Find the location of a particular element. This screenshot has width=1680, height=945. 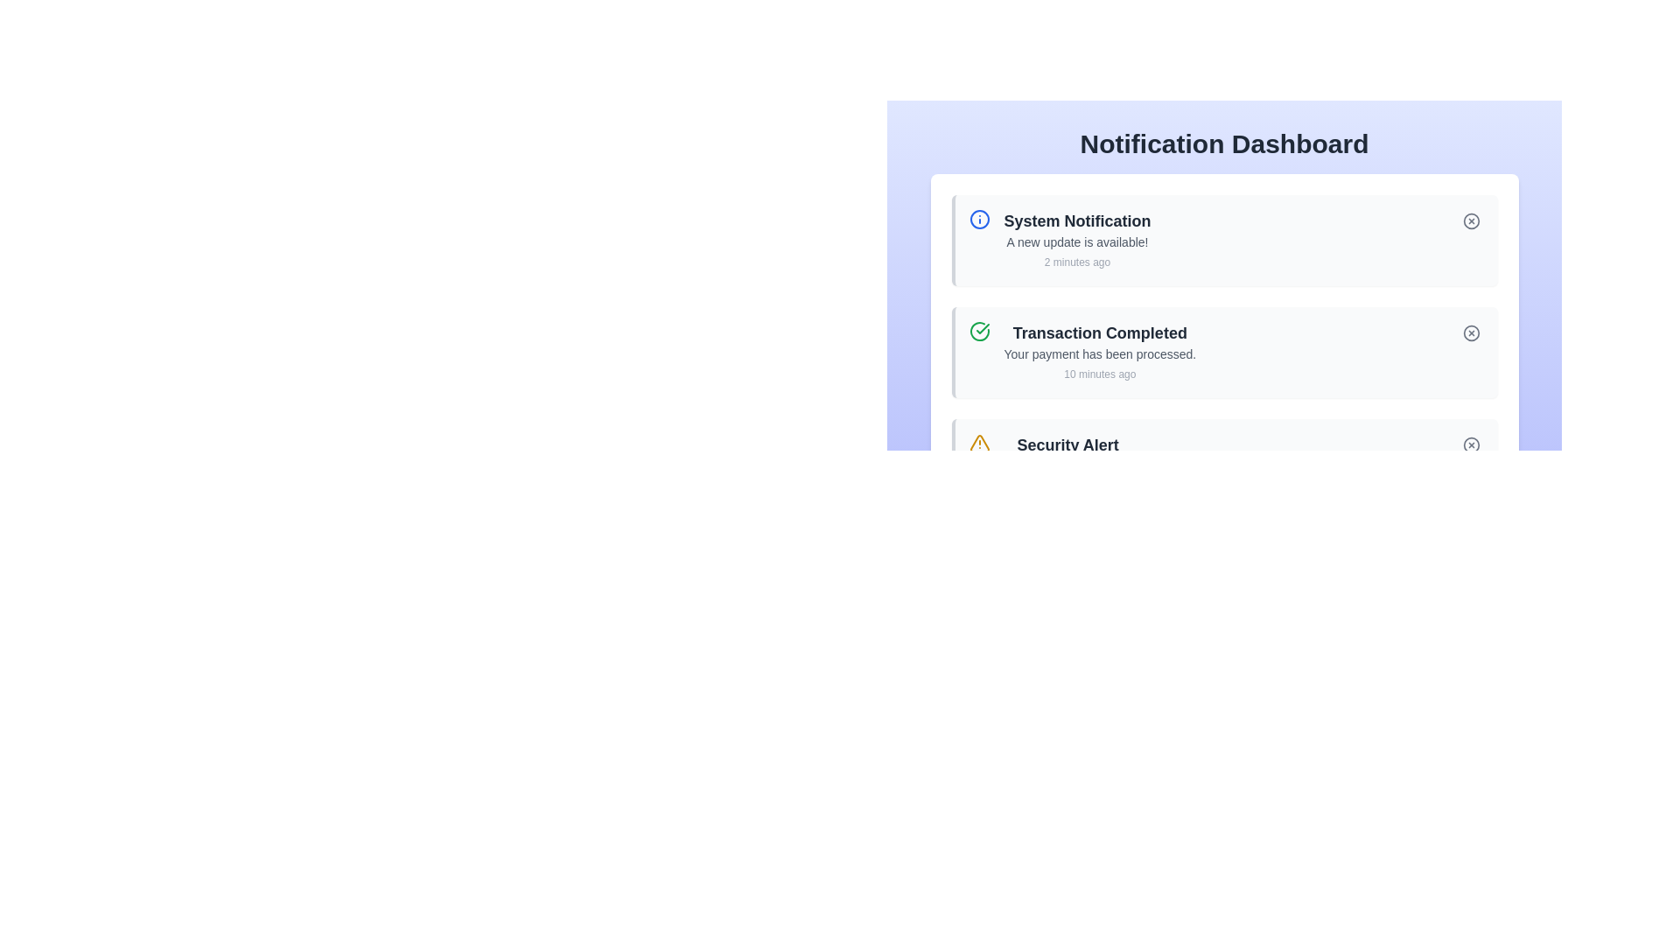

the Text Block displaying system notification information in the first notification card under the 'Notification Dashboard' is located at coordinates (1076, 240).